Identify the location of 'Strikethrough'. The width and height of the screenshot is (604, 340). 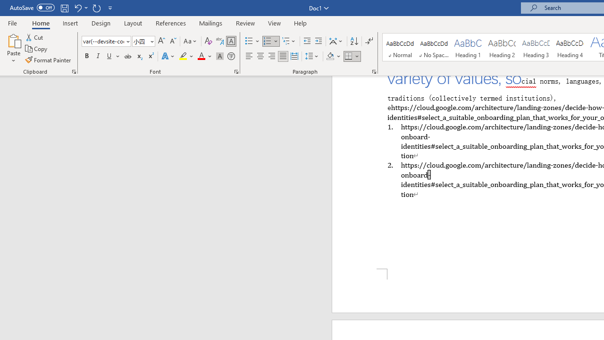
(127, 56).